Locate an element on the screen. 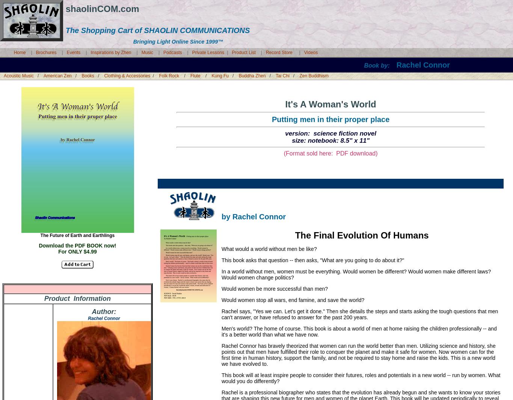 This screenshot has width=513, height=400. 'This book asks that question -- then asks, "What 
                are you going to do about it?"' is located at coordinates (312, 260).